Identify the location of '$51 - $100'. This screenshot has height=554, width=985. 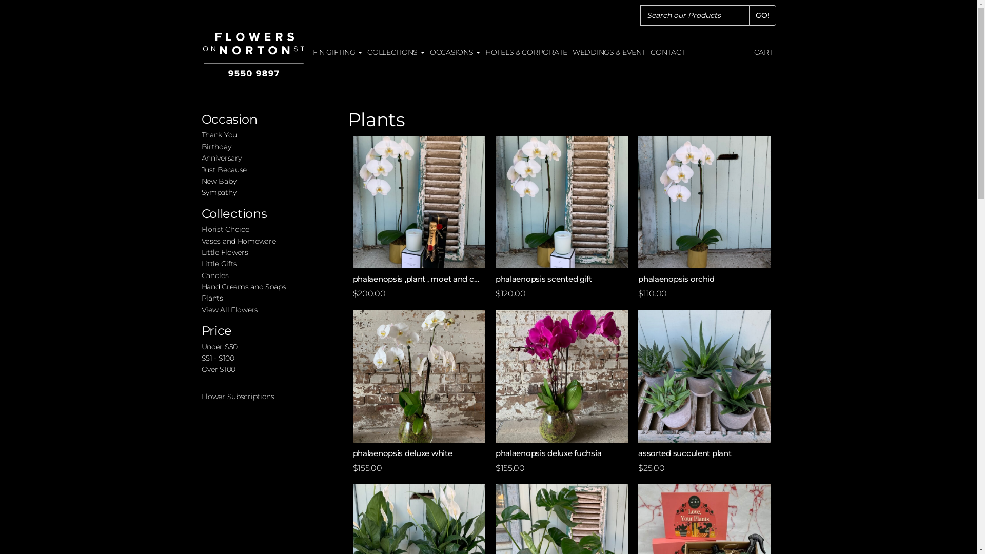
(216, 358).